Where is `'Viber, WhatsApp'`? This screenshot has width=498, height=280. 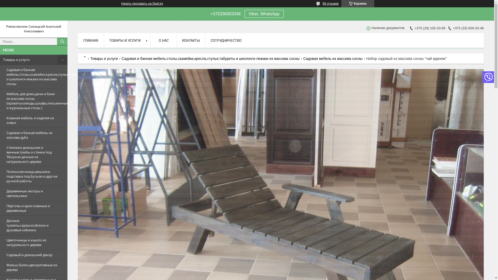
'Viber, WhatsApp' is located at coordinates (264, 13).